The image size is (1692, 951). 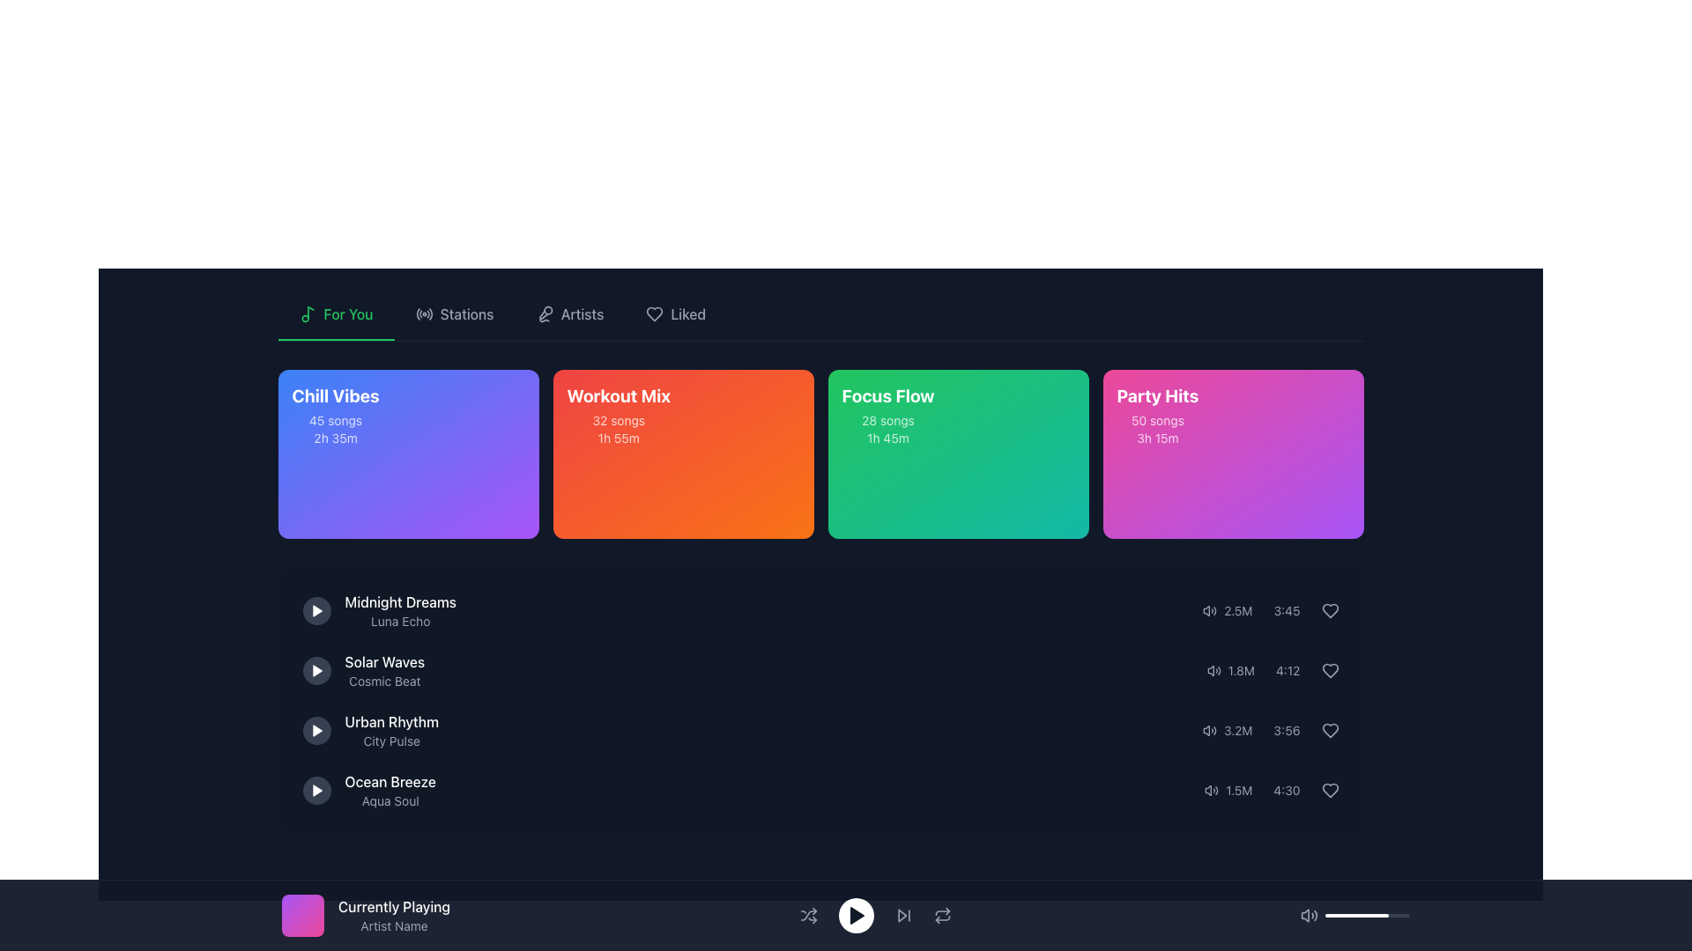 What do you see at coordinates (317, 790) in the screenshot?
I see `the play button for the song 'Ocean Breeze' by 'Aqua Soul', located at the leftmost side of the fourth item in the list to provide visual feedback` at bounding box center [317, 790].